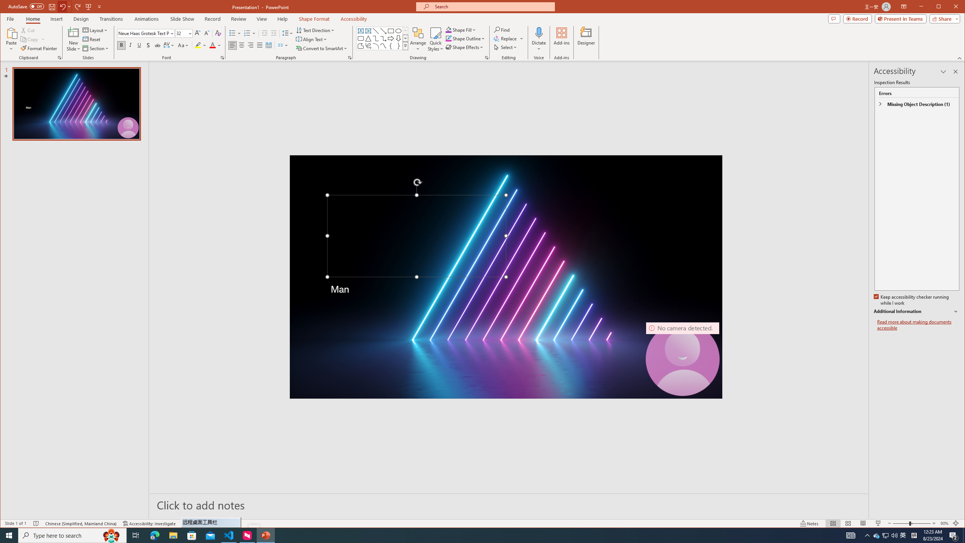 This screenshot has height=543, width=965. I want to click on 'Shape Format', so click(314, 18).